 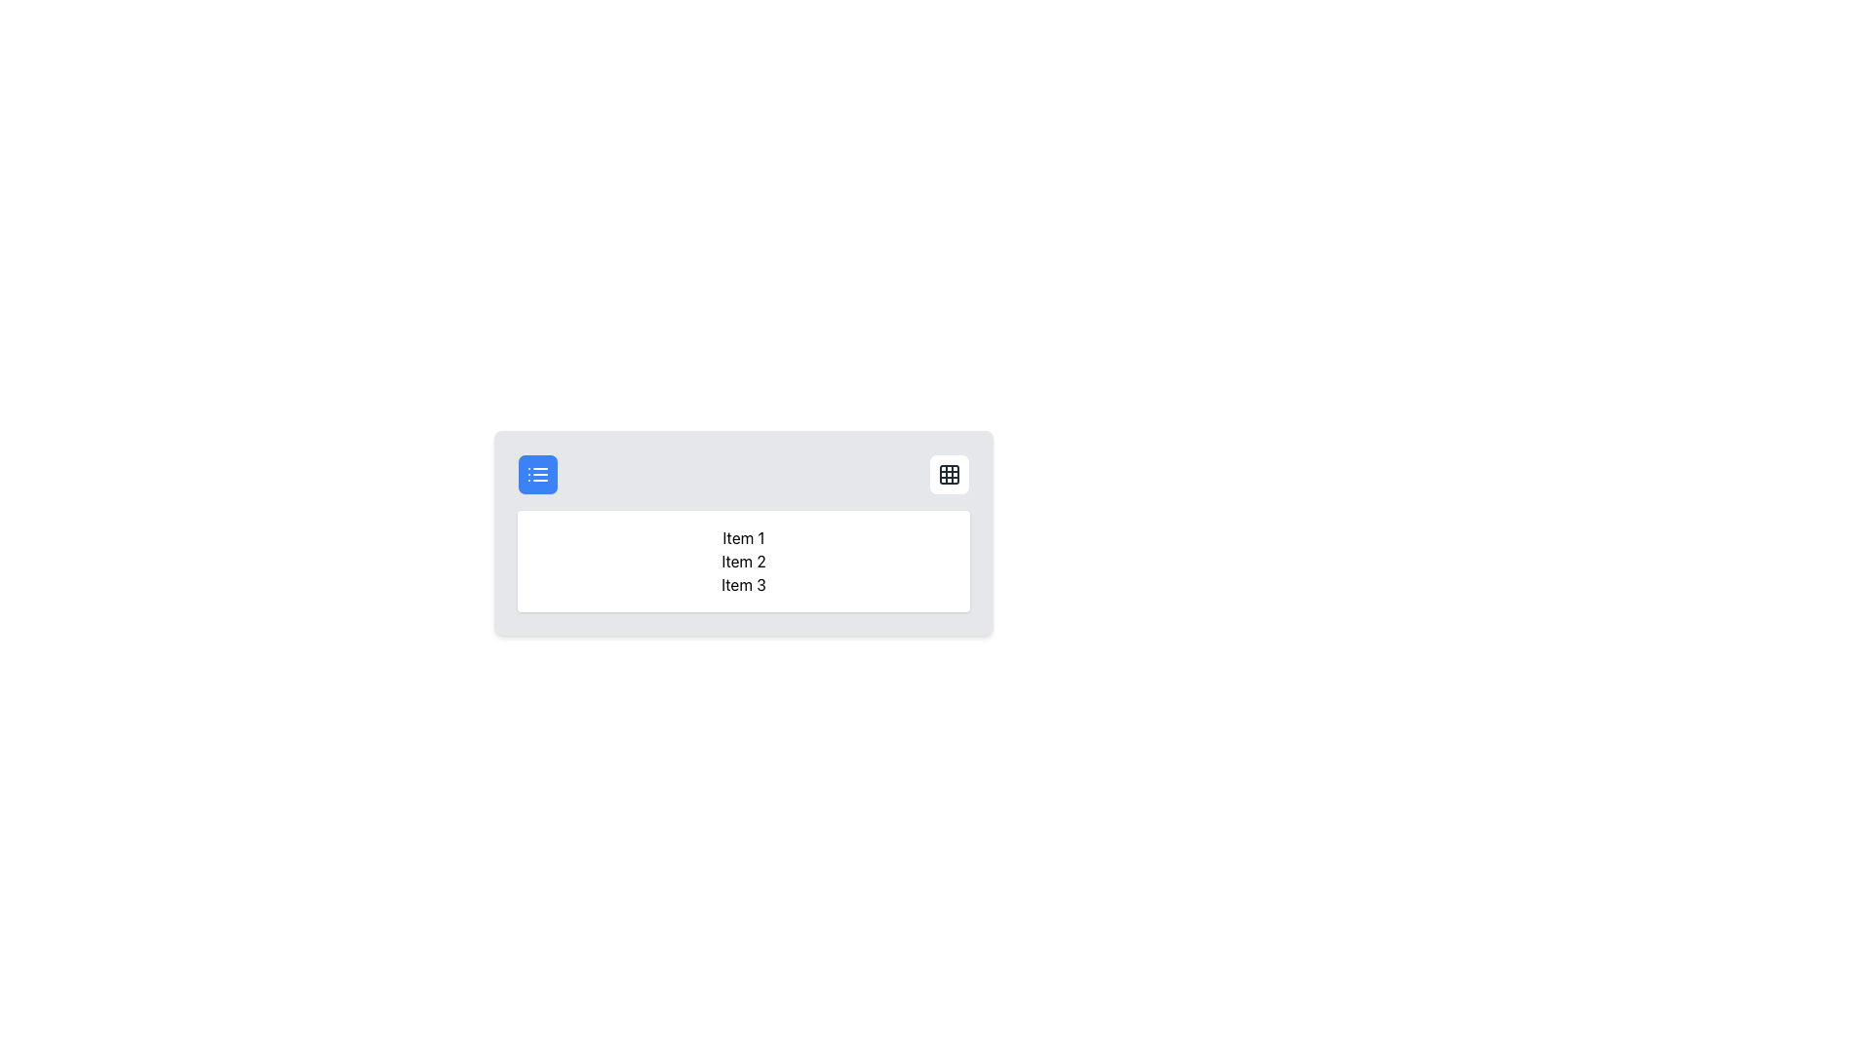 What do you see at coordinates (743, 537) in the screenshot?
I see `the text label displaying 'Item 1', which is the first item in a vertically stacked list of three items` at bounding box center [743, 537].